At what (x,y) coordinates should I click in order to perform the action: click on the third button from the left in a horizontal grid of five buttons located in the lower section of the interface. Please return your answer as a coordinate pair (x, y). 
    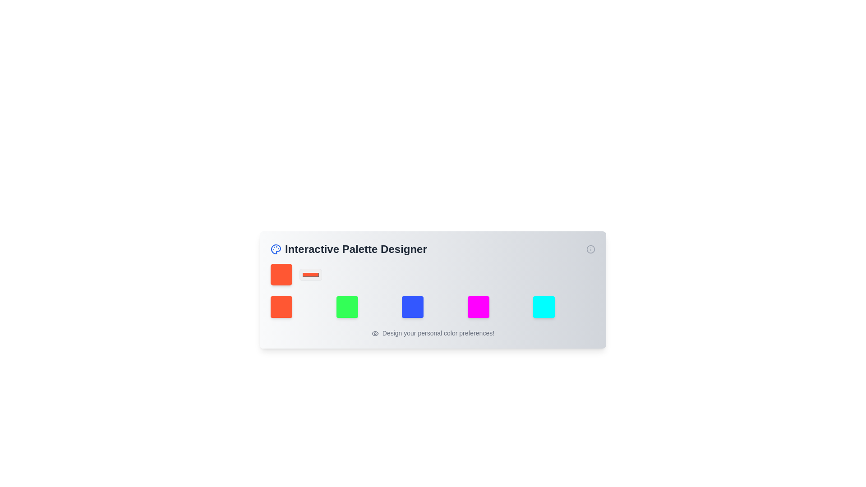
    Looking at the image, I should click on (412, 307).